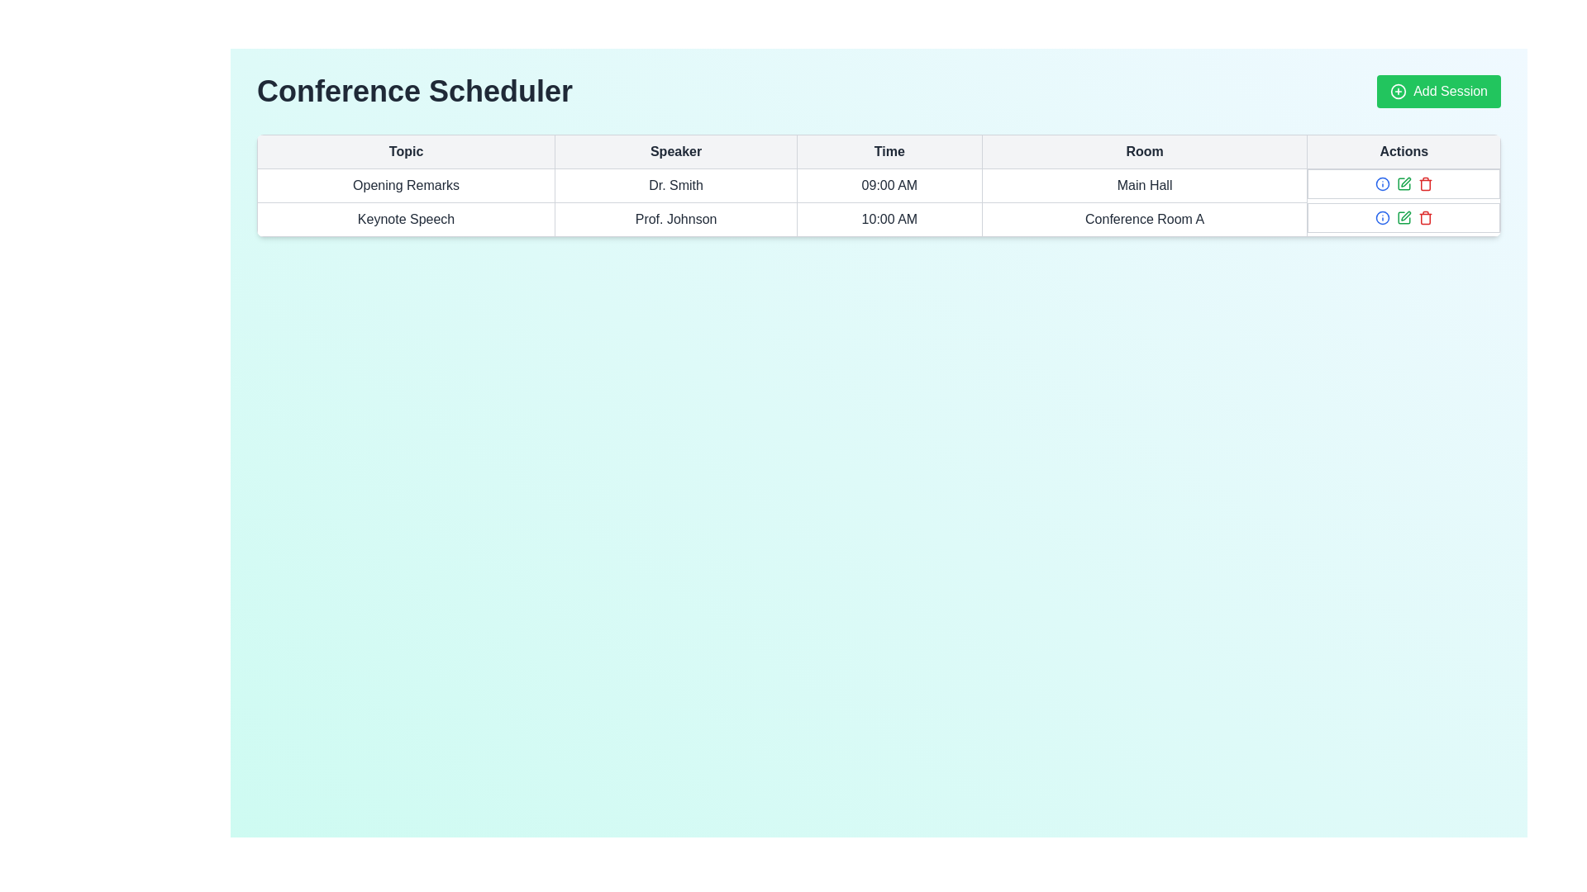 This screenshot has height=892, width=1587. I want to click on the table cell displaying the title 'Keynote Speech' to identify the topic in the conference scheduler, so click(406, 219).